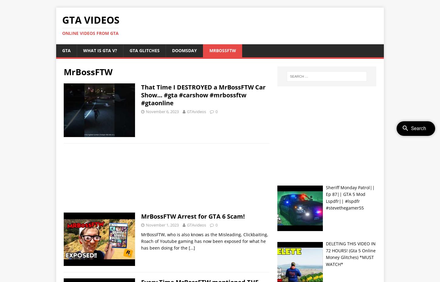  What do you see at coordinates (162, 225) in the screenshot?
I see `'November 1, 2023'` at bounding box center [162, 225].